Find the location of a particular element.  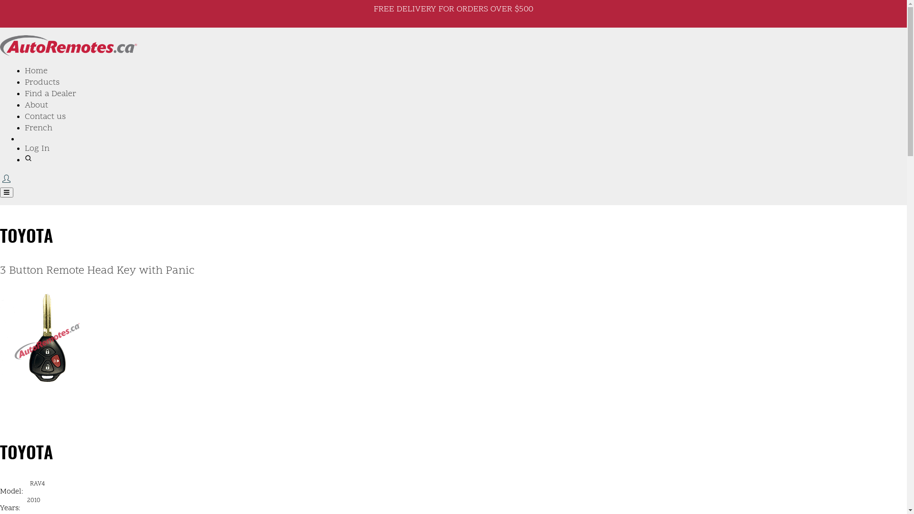

'Contact us' is located at coordinates (25, 116).